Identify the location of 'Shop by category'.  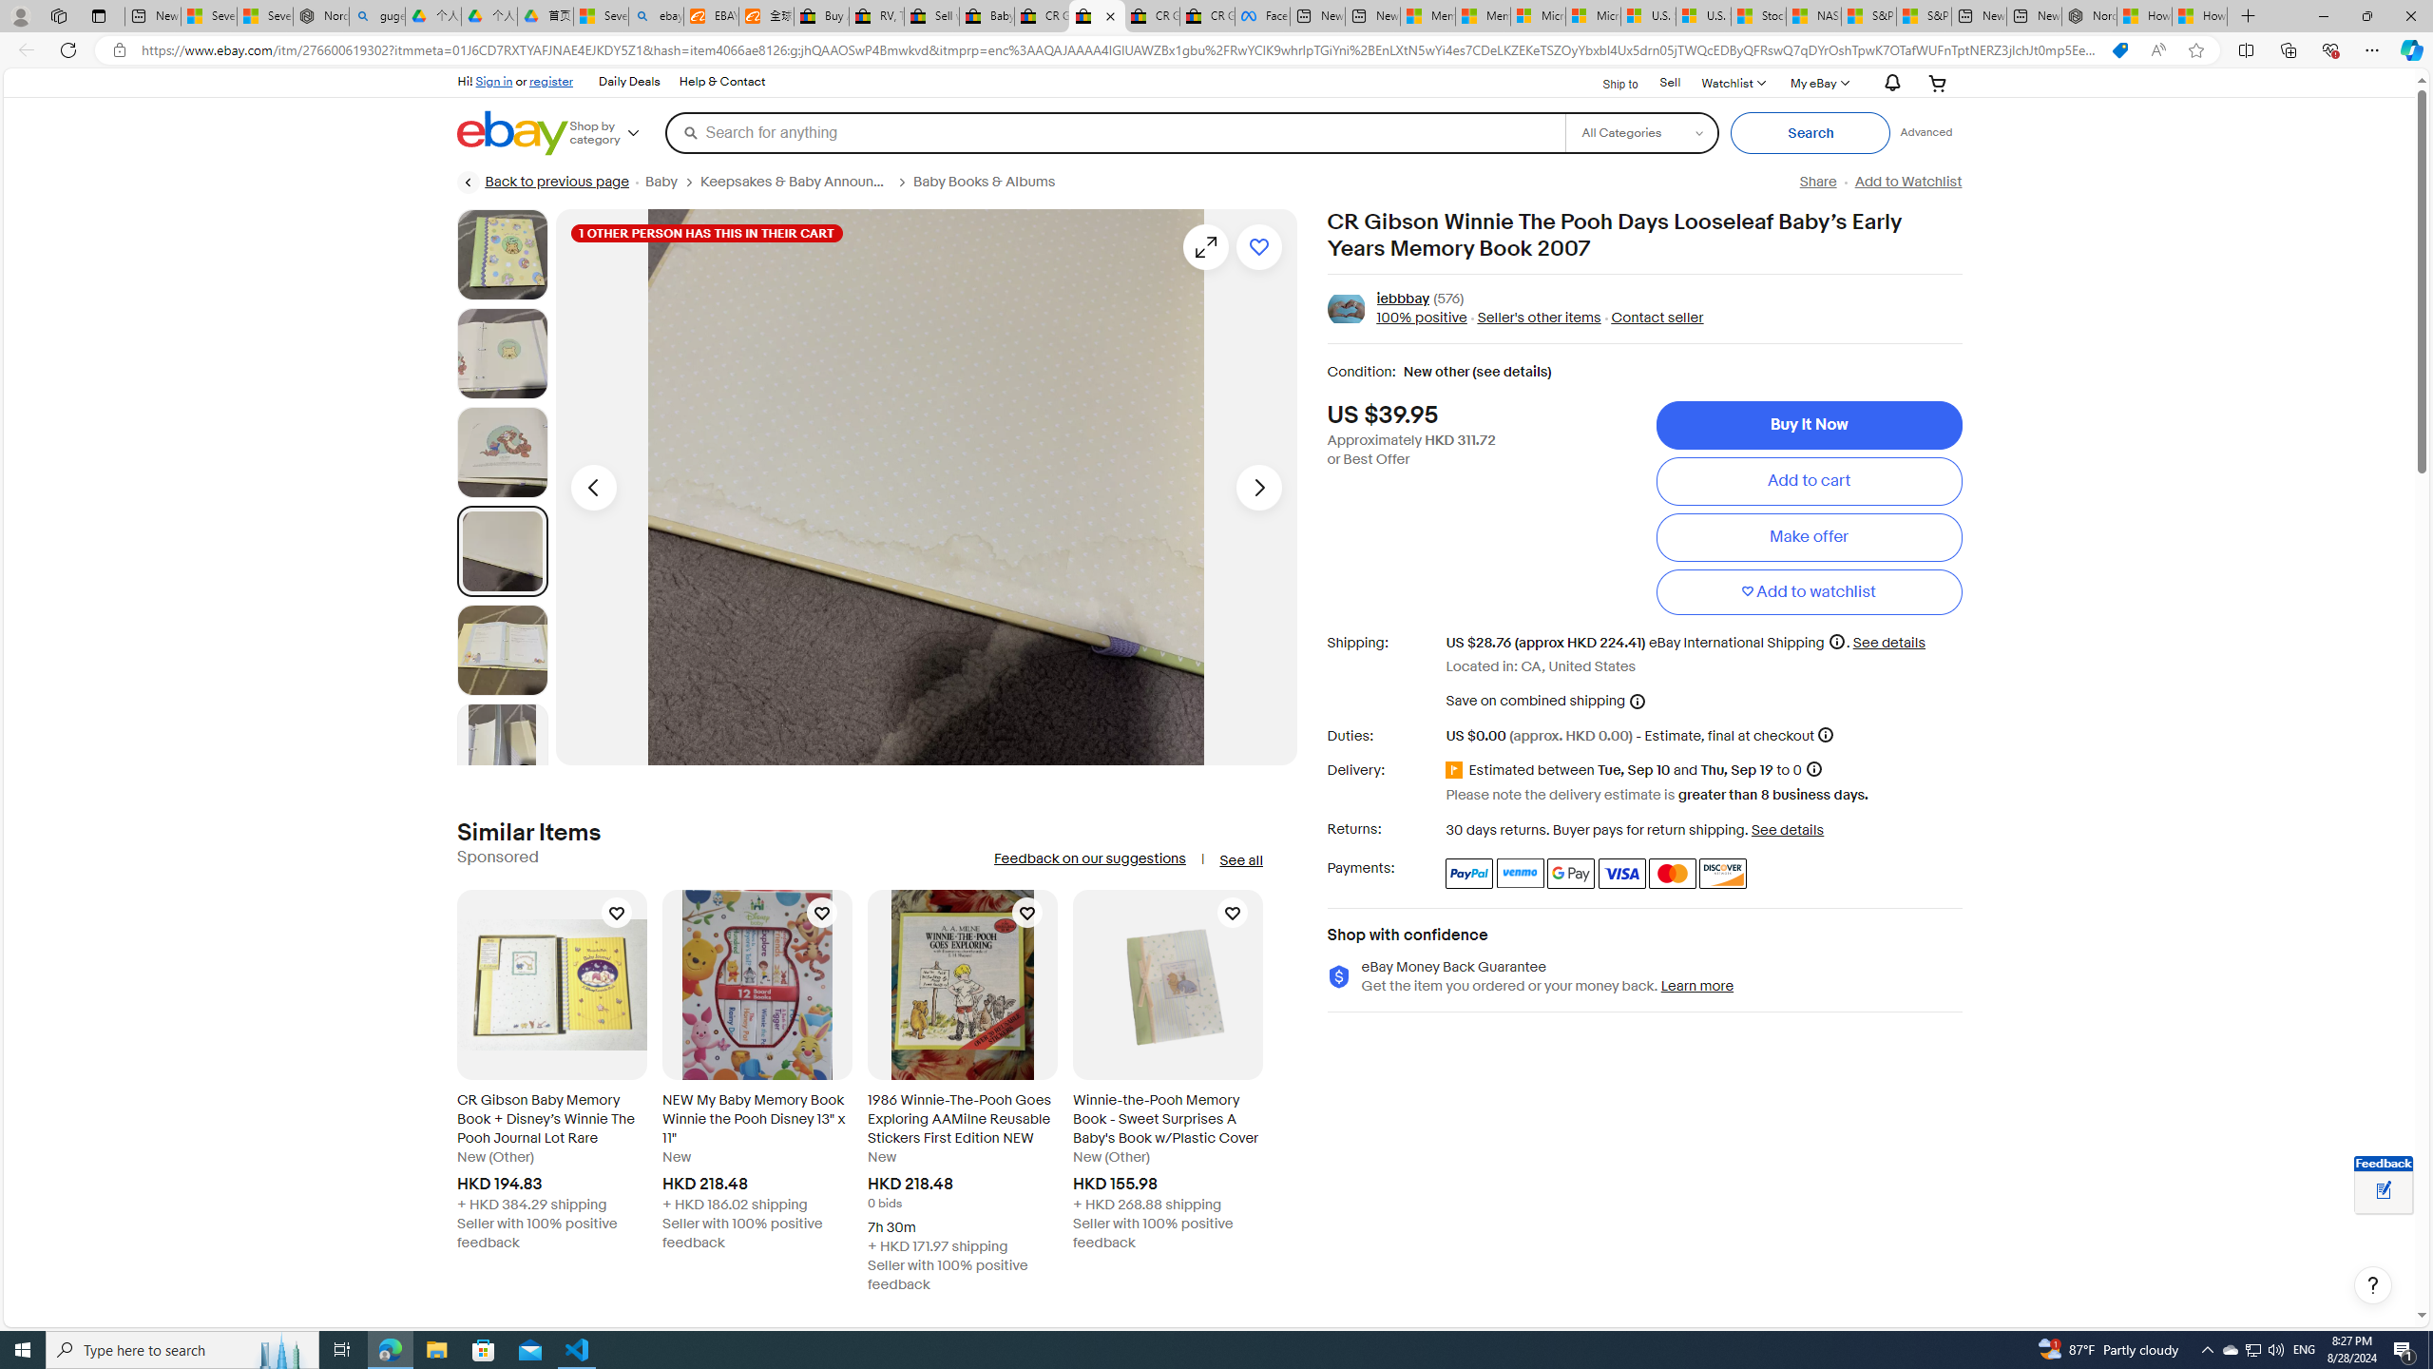
(616, 131).